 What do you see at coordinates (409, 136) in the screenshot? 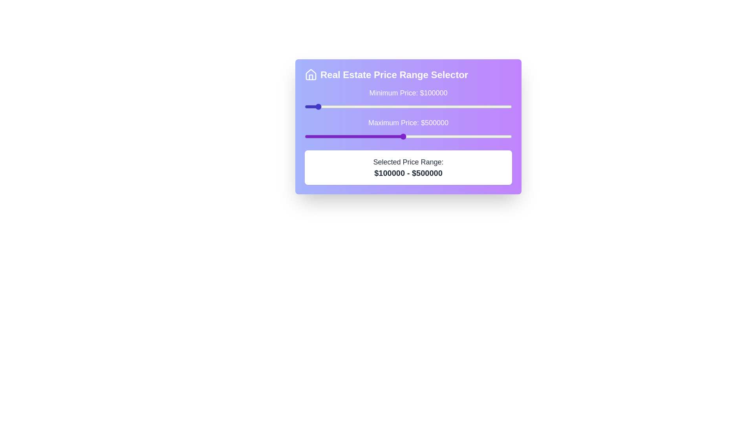
I see `the maximum price slider to 532136` at bounding box center [409, 136].